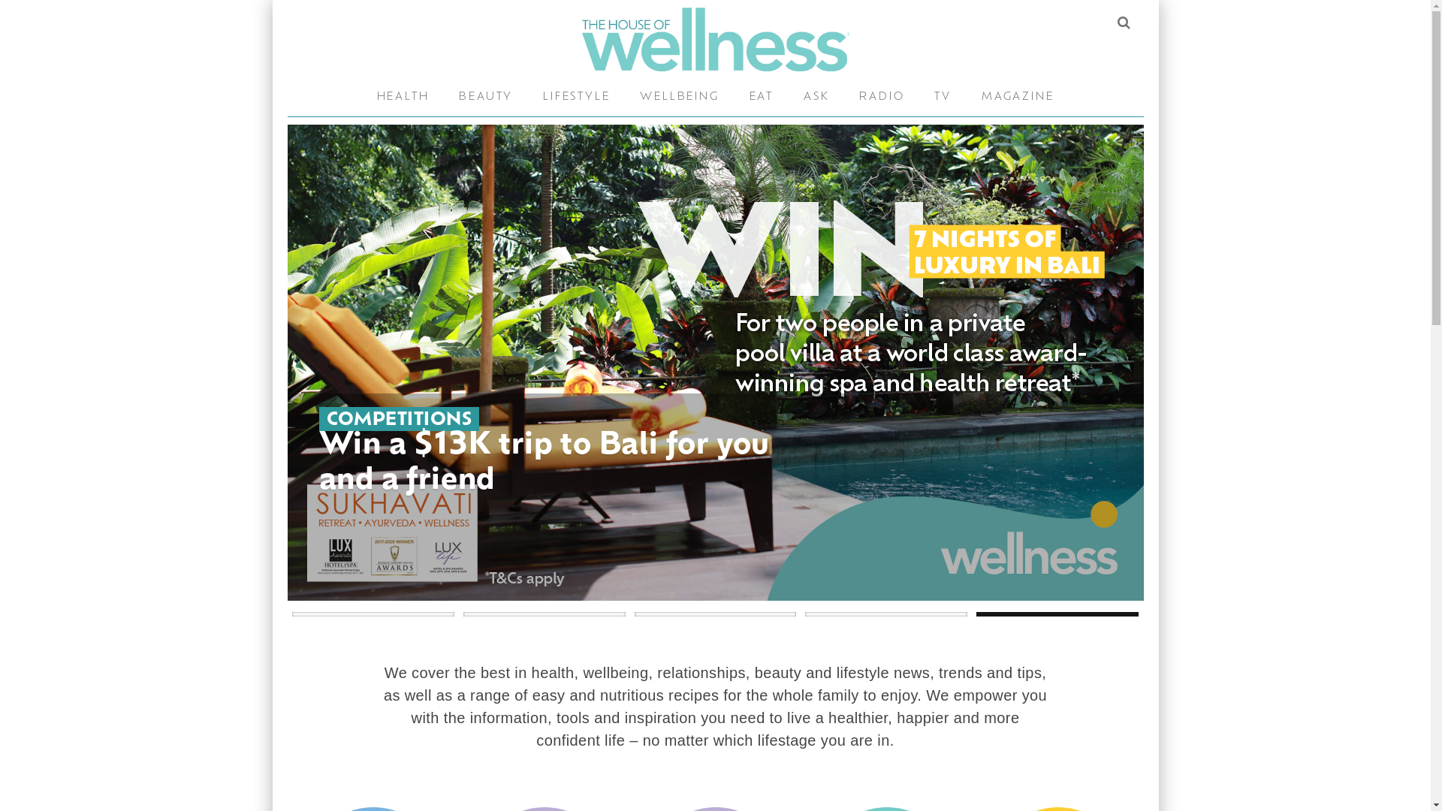 This screenshot has width=1442, height=811. Describe the element at coordinates (403, 98) in the screenshot. I see `'HEALTH'` at that location.